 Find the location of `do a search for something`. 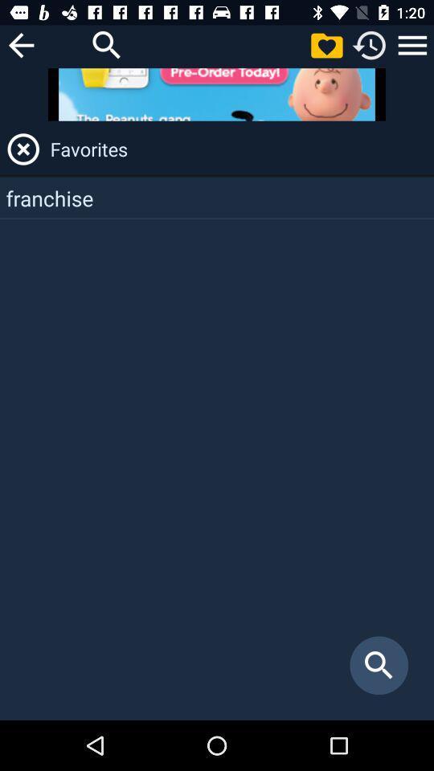

do a search for something is located at coordinates (107, 44).